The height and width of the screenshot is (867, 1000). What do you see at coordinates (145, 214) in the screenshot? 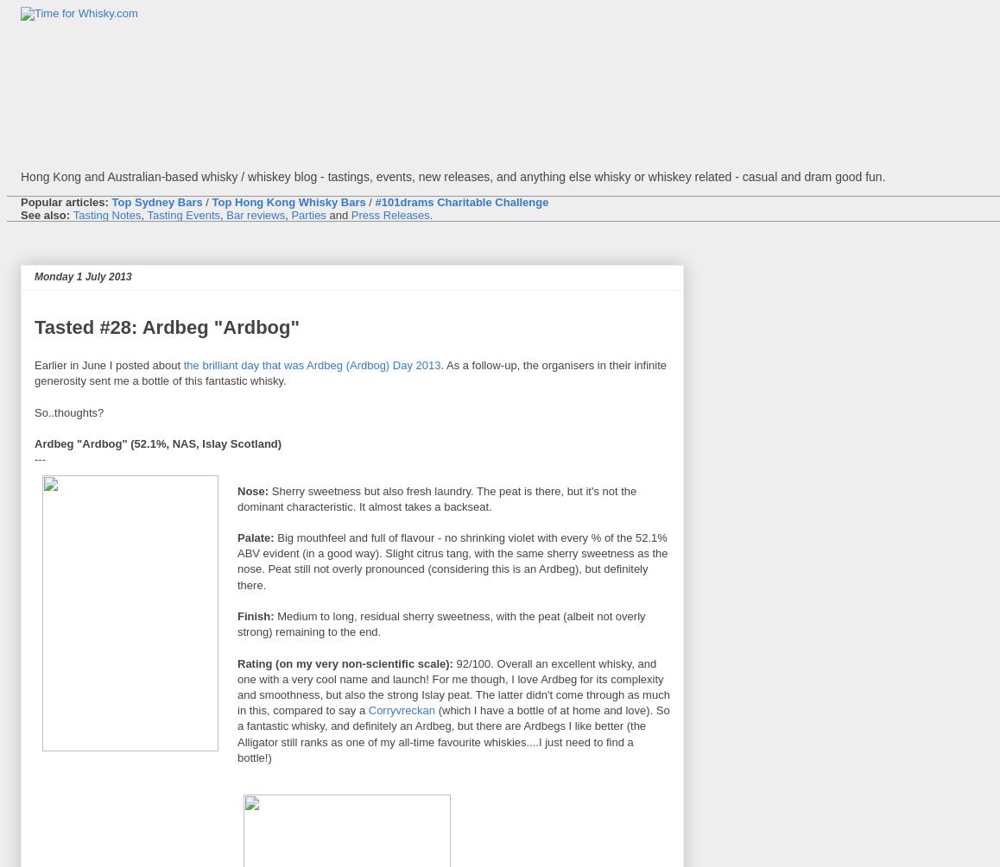
I see `'Tasting Events'` at bounding box center [145, 214].